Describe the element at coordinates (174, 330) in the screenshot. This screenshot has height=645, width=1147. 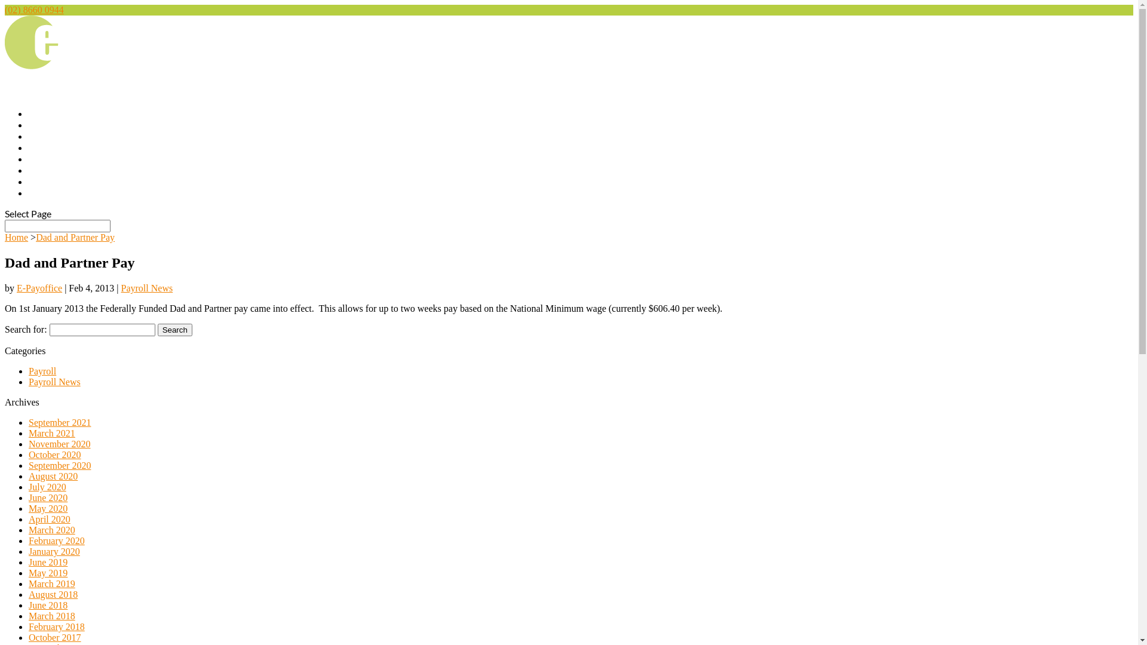
I see `'Search'` at that location.